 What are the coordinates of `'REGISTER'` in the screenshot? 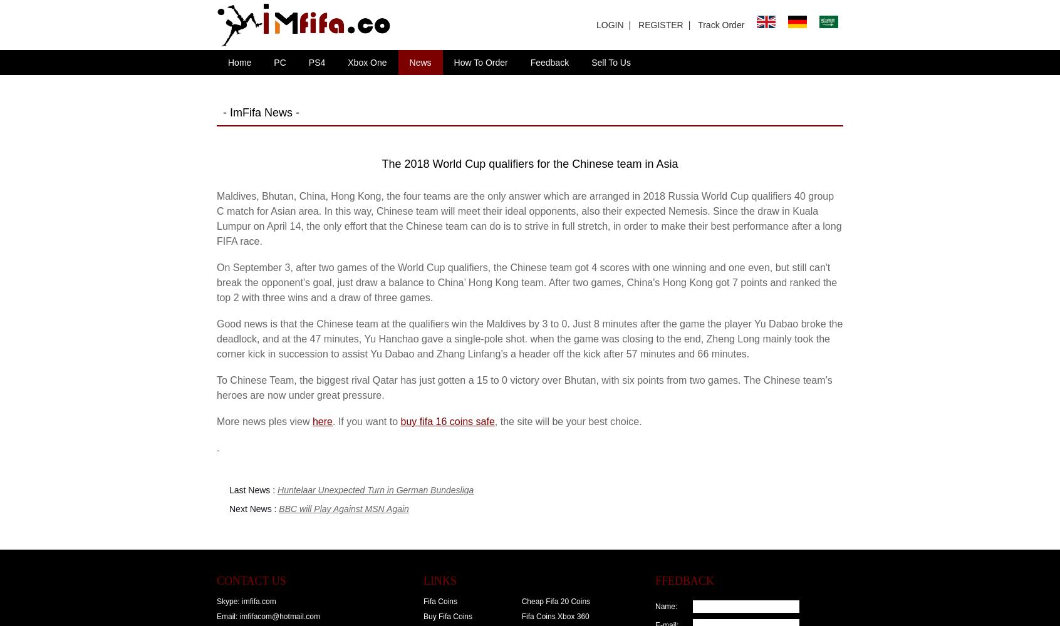 It's located at (660, 25).